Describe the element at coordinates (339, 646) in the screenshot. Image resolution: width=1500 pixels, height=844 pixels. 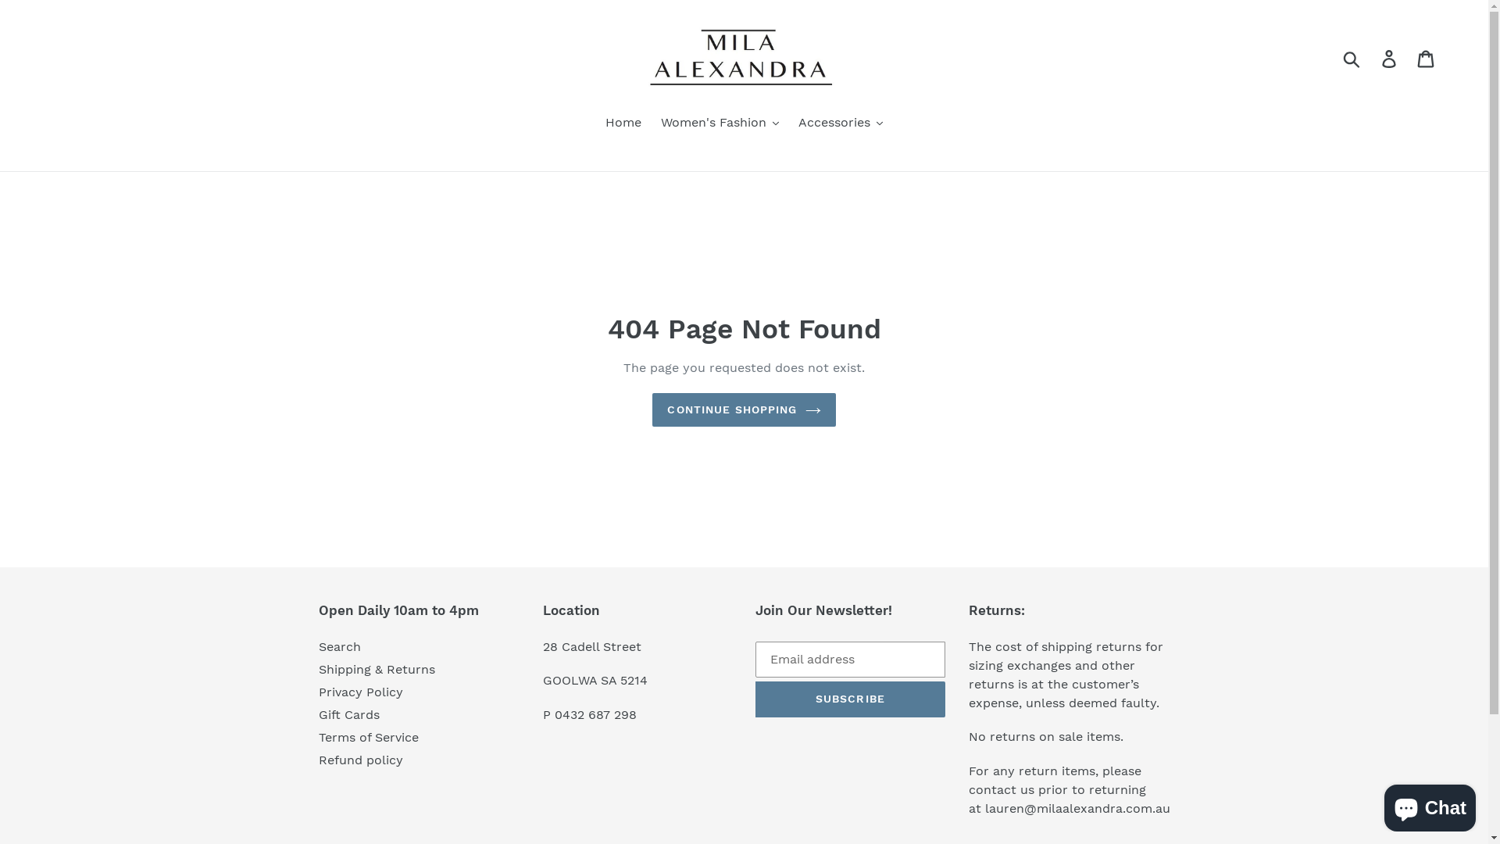
I see `'Search'` at that location.